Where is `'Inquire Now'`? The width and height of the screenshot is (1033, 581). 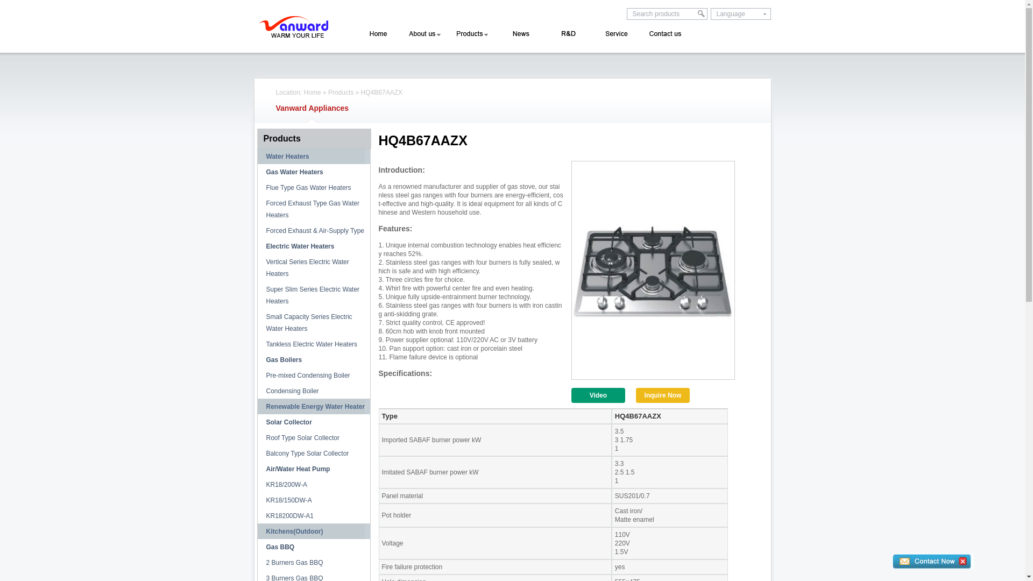 'Inquire Now' is located at coordinates (635, 395).